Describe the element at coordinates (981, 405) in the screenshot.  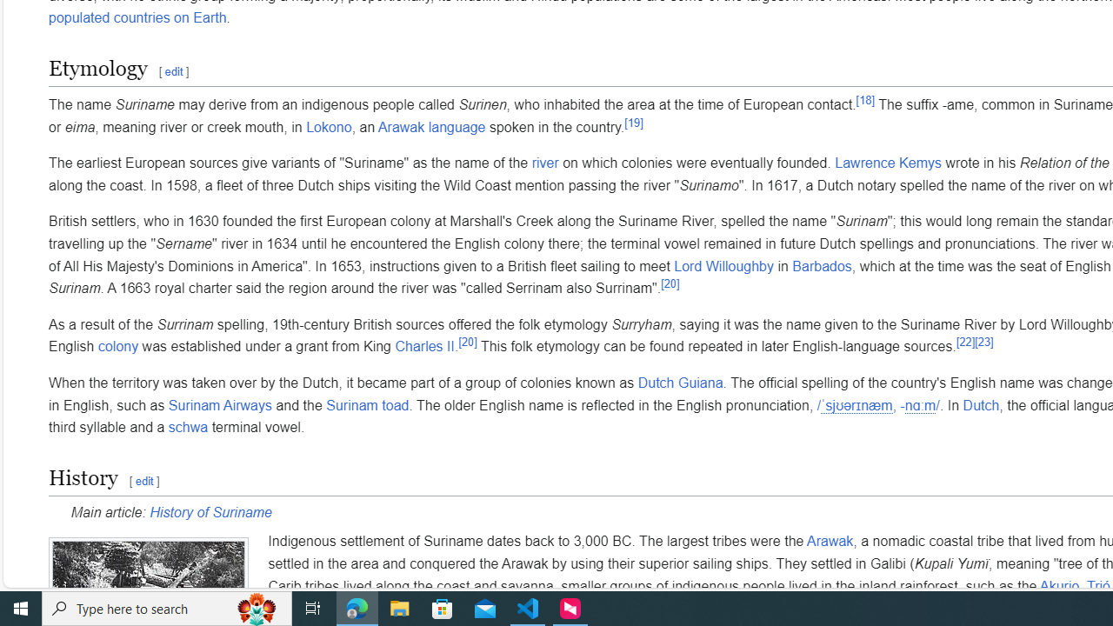
I see `'Dutch'` at that location.